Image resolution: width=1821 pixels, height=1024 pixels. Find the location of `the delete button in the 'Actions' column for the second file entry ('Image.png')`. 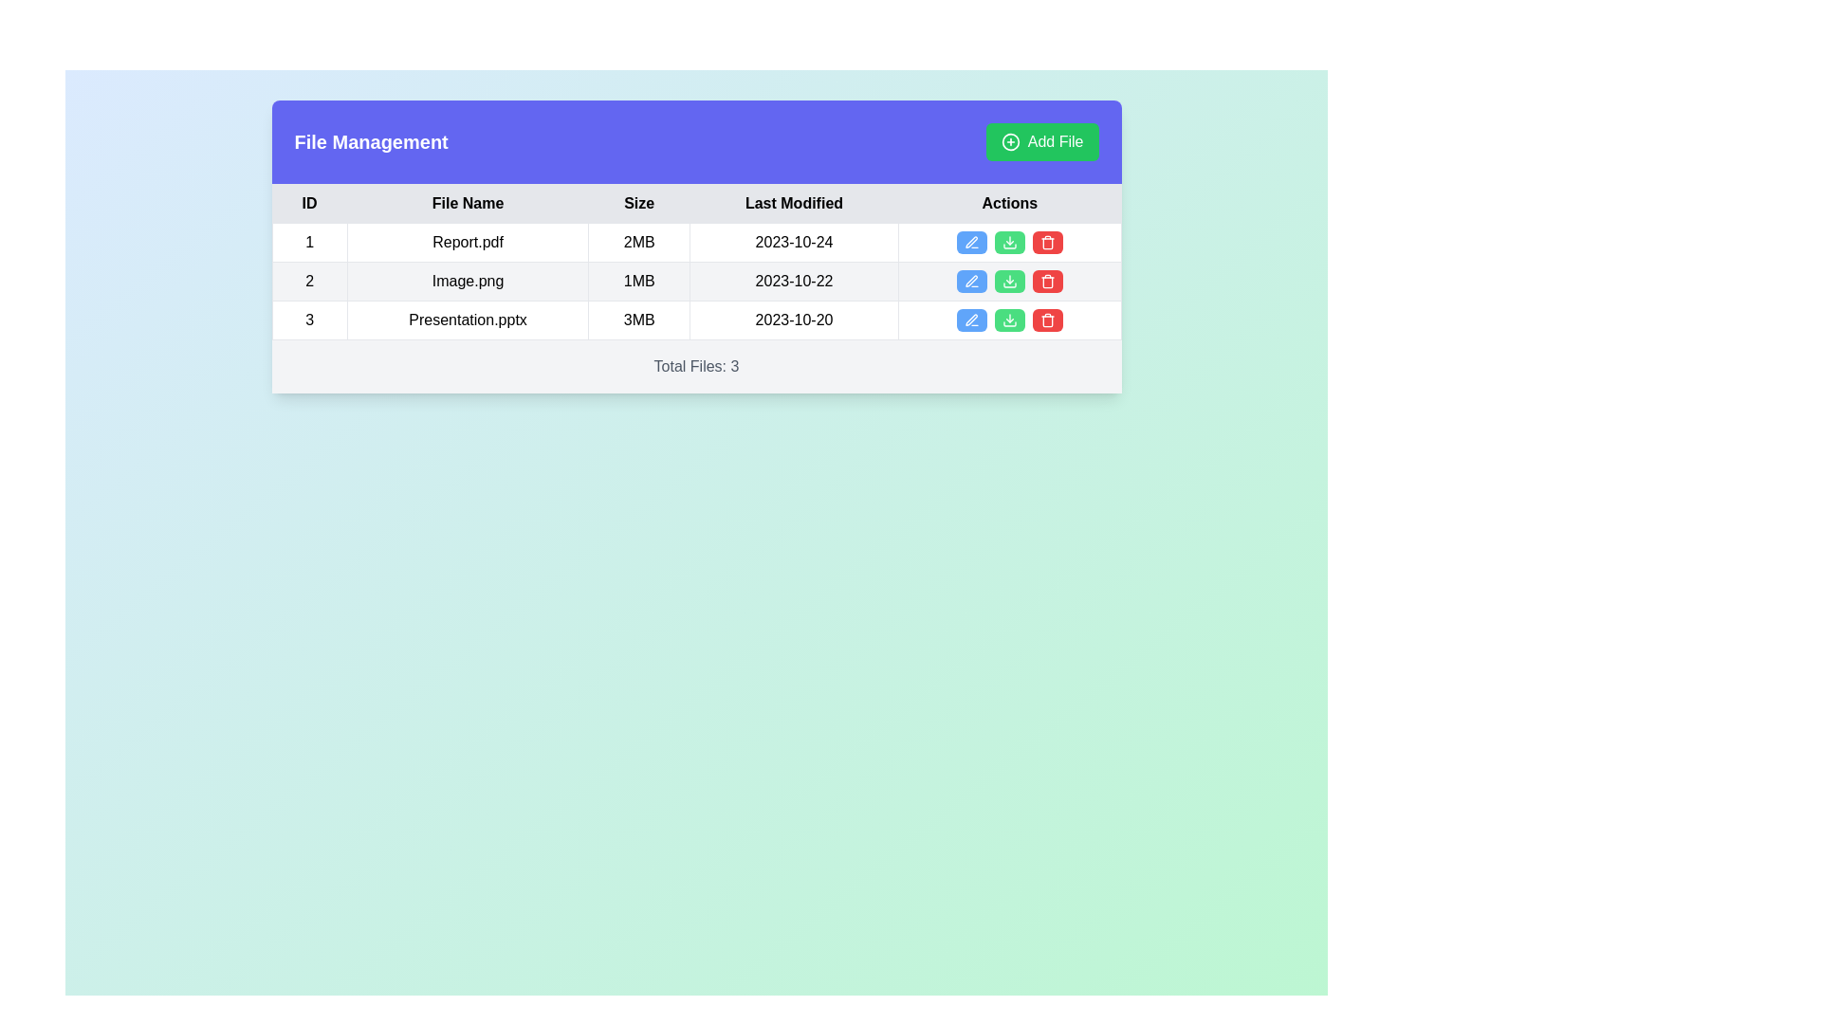

the delete button in the 'Actions' column for the second file entry ('Image.png') is located at coordinates (1046, 282).